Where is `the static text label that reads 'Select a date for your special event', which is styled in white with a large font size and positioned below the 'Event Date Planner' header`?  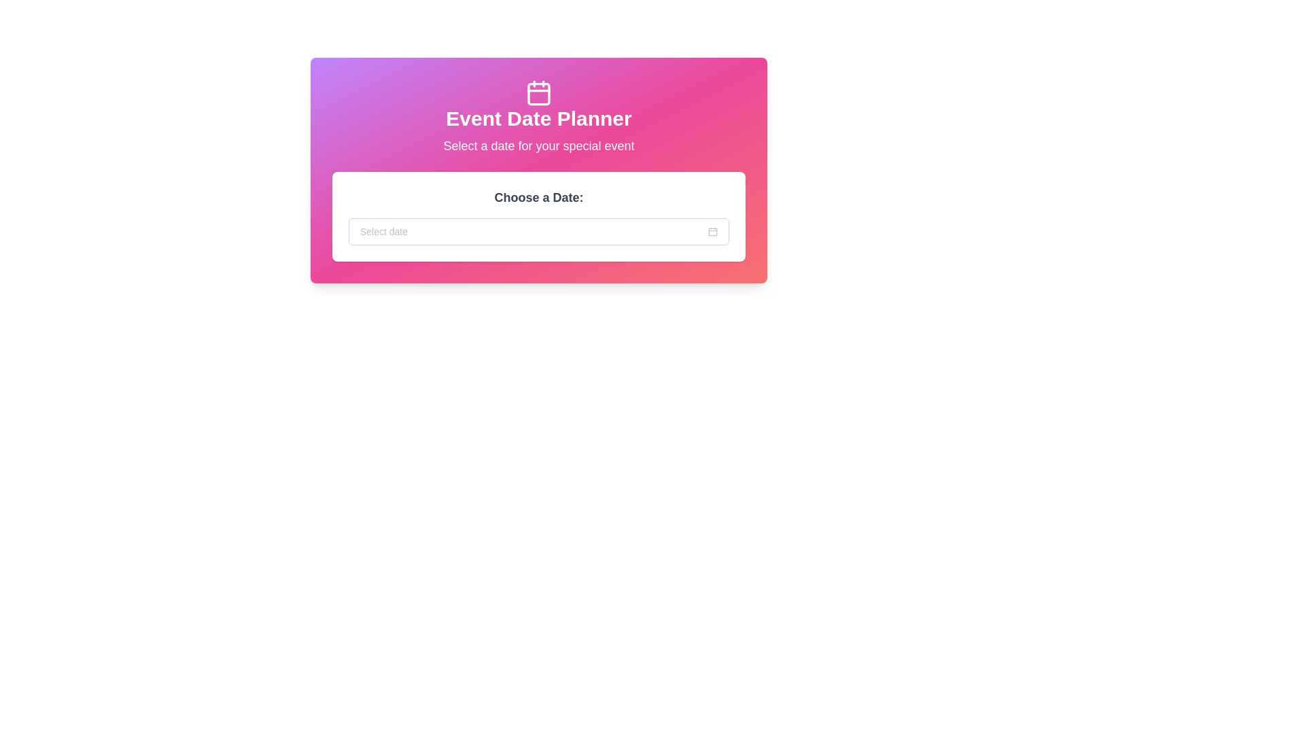
the static text label that reads 'Select a date for your special event', which is styled in white with a large font size and positioned below the 'Event Date Planner' header is located at coordinates (538, 146).